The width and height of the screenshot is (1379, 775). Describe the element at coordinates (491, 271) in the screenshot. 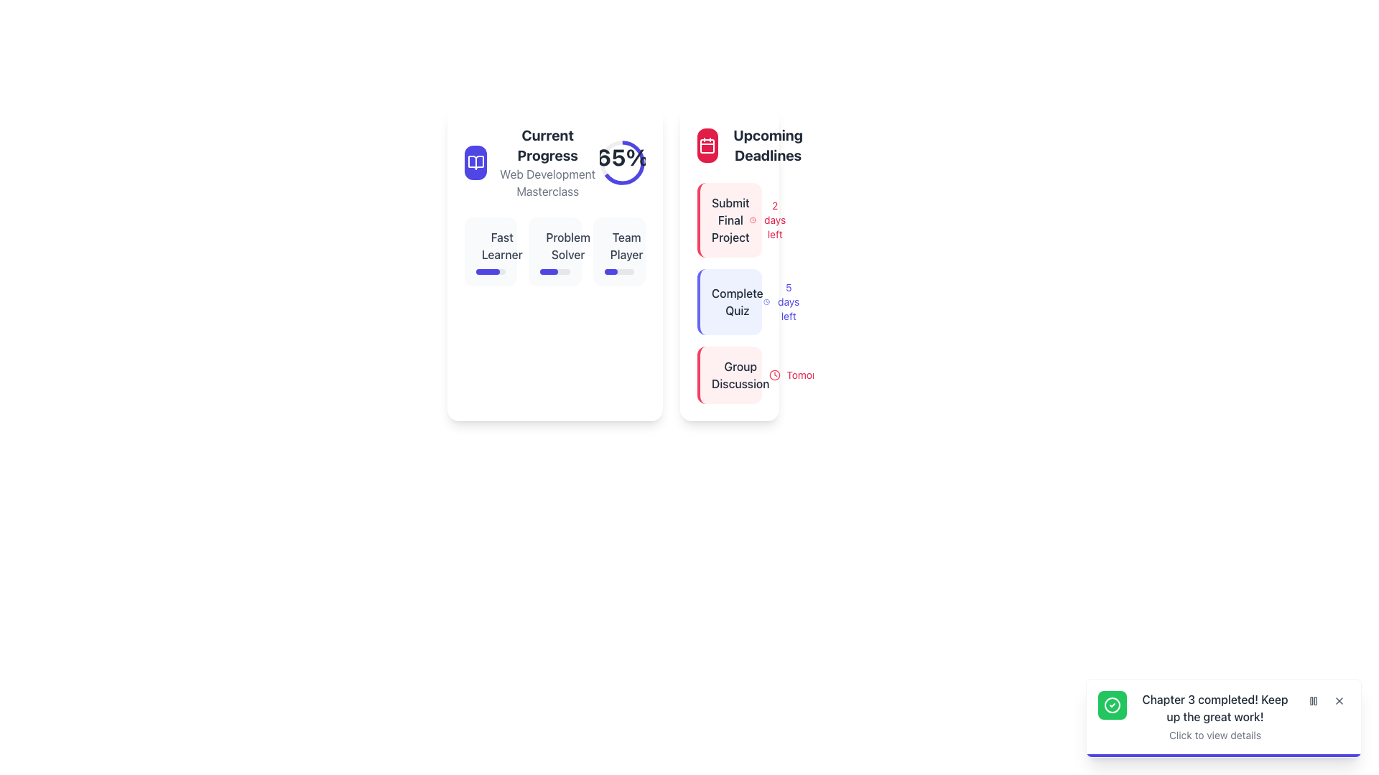

I see `the progress bar indicating the completion percentage for the "Fast Learner" category located below the label "Fast Learner" in the left panel under the "Current Progress" heading` at that location.